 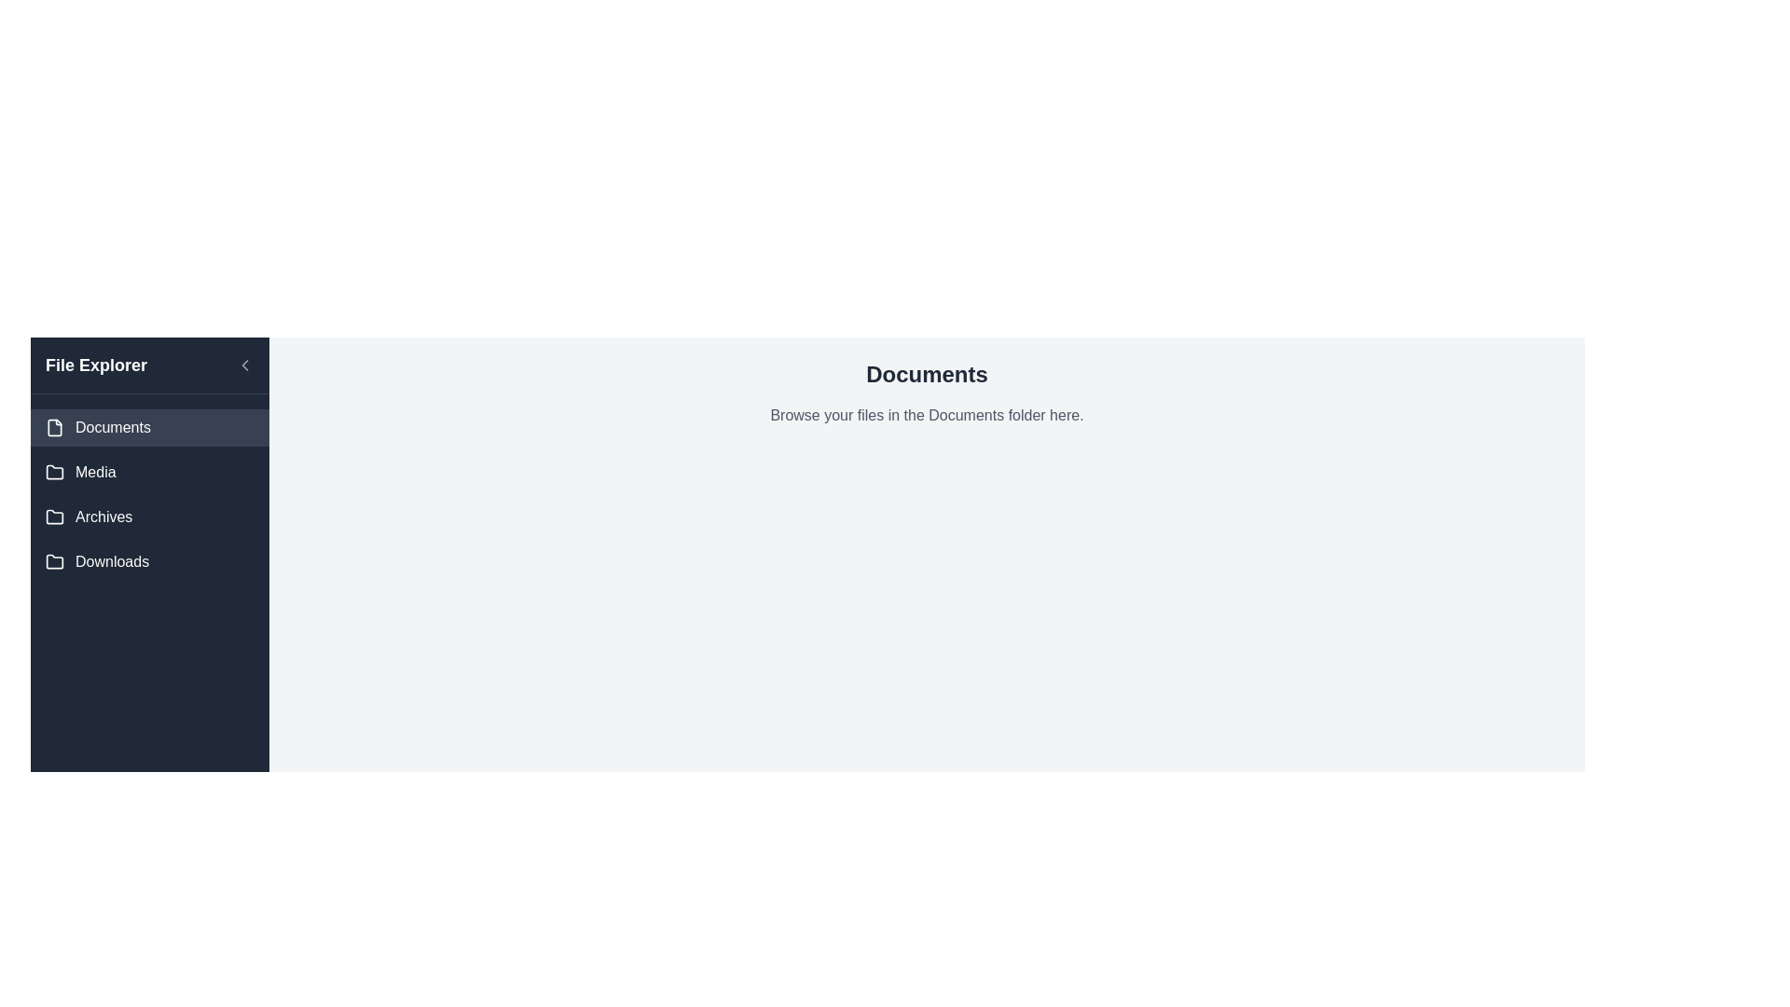 I want to click on the navigation icon located near the top left of the sidebar, adjacent to the 'File Explorer' label, which serves as a back button, so click(x=244, y=366).